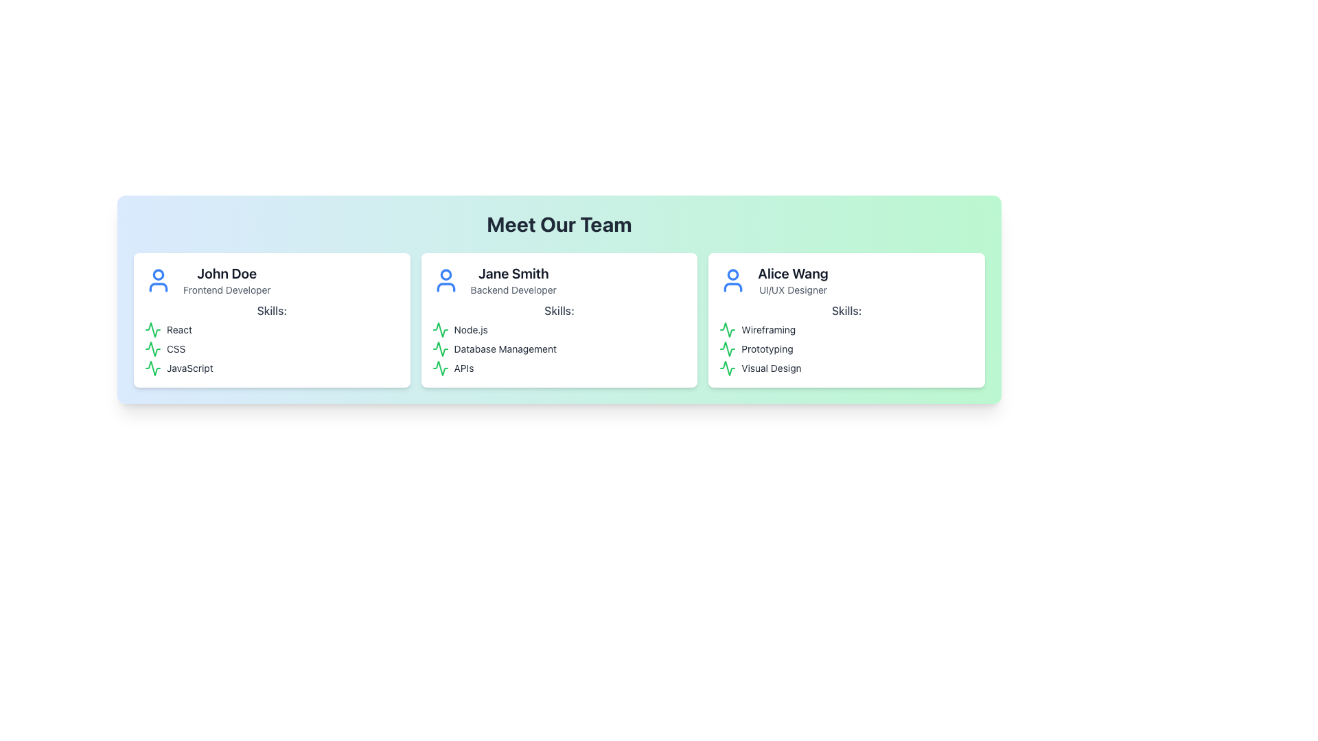 The width and height of the screenshot is (1318, 741). What do you see at coordinates (846, 330) in the screenshot?
I see `the skill 'Wireframing' displayed in the first position under the 'Skills' section in Alice Wang's card, which is a UI/UX Designer` at bounding box center [846, 330].